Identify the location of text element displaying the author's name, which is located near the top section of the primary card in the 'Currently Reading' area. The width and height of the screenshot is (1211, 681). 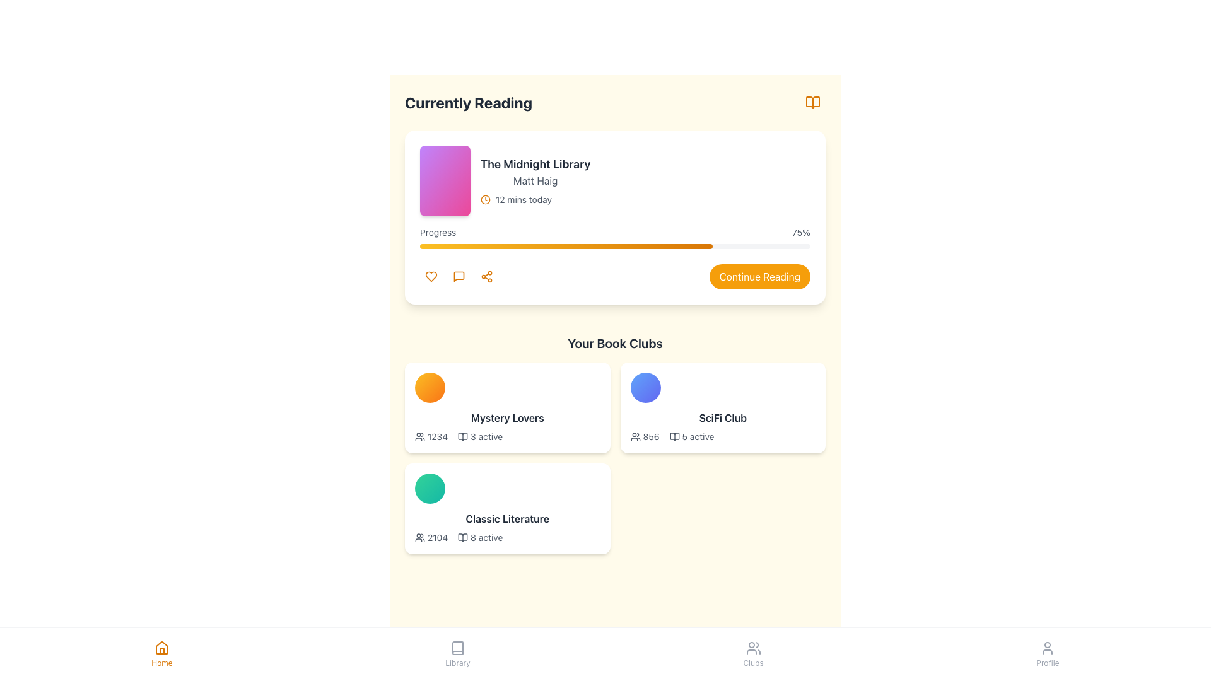
(535, 180).